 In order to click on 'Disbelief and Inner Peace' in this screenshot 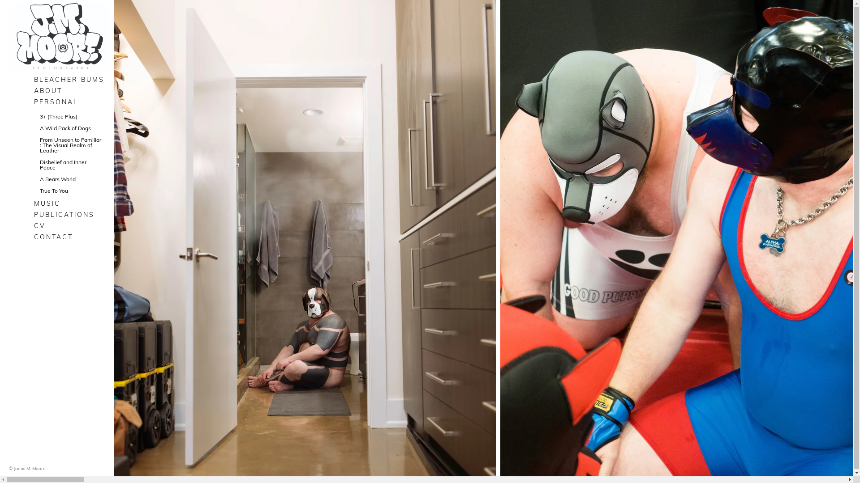, I will do `click(70, 165)`.